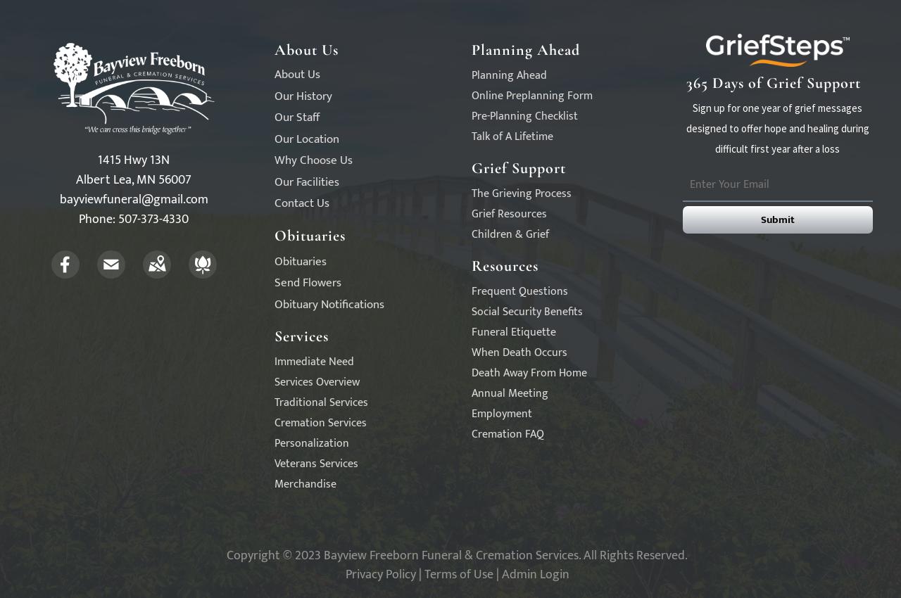 The width and height of the screenshot is (901, 598). Describe the element at coordinates (471, 352) in the screenshot. I see `'When Death Occurs'` at that location.